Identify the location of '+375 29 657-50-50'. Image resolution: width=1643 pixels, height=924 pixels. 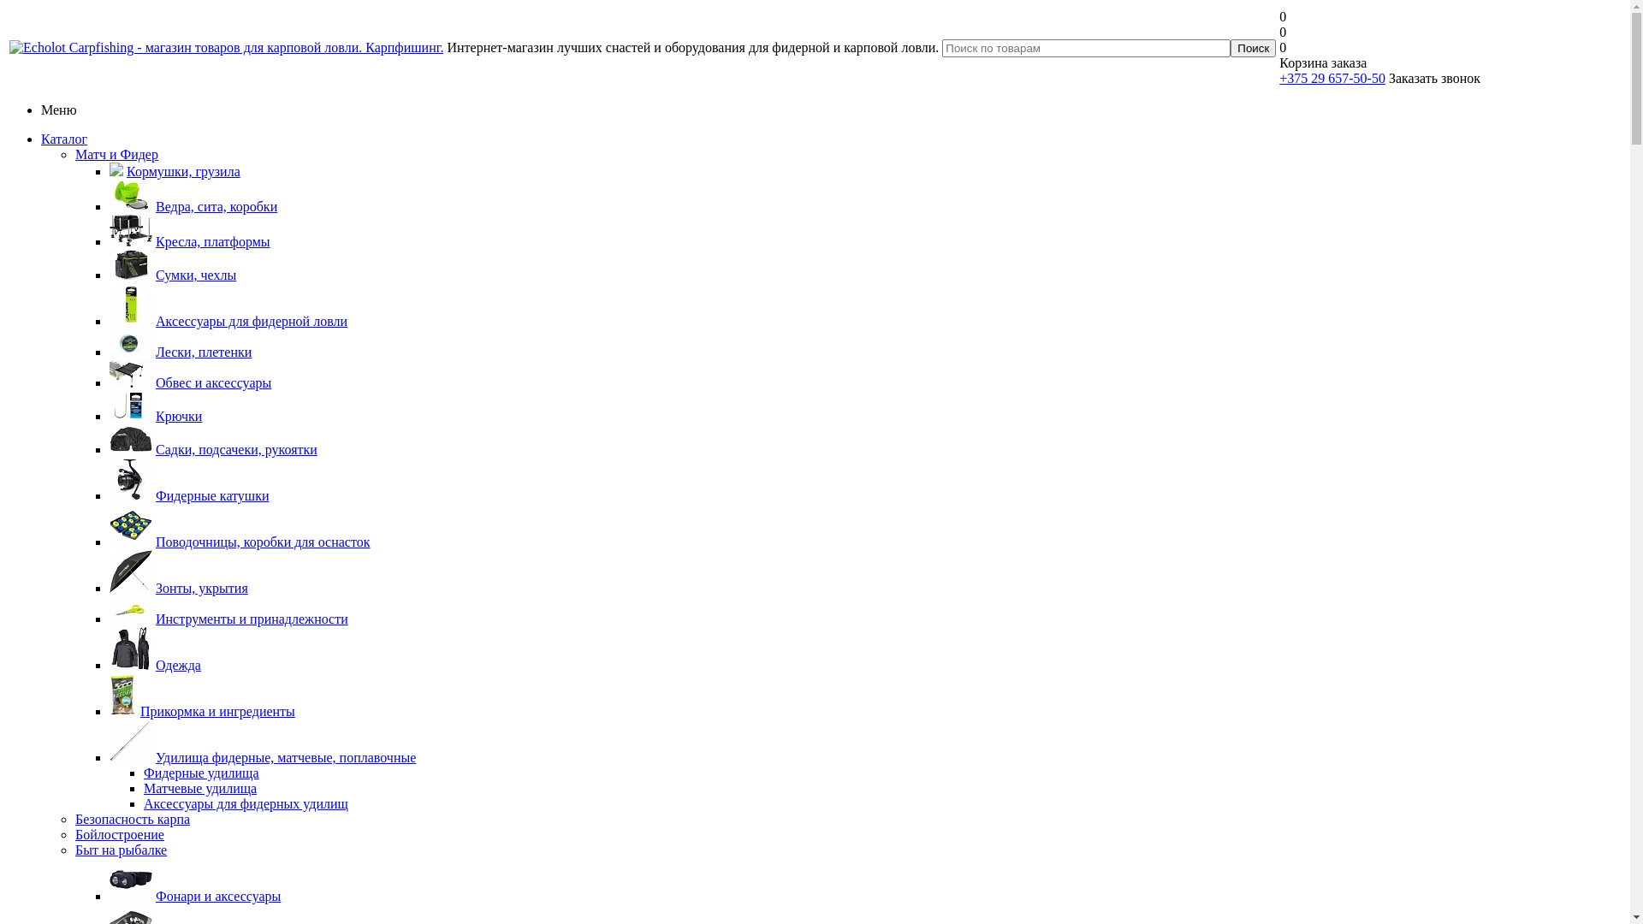
(1331, 78).